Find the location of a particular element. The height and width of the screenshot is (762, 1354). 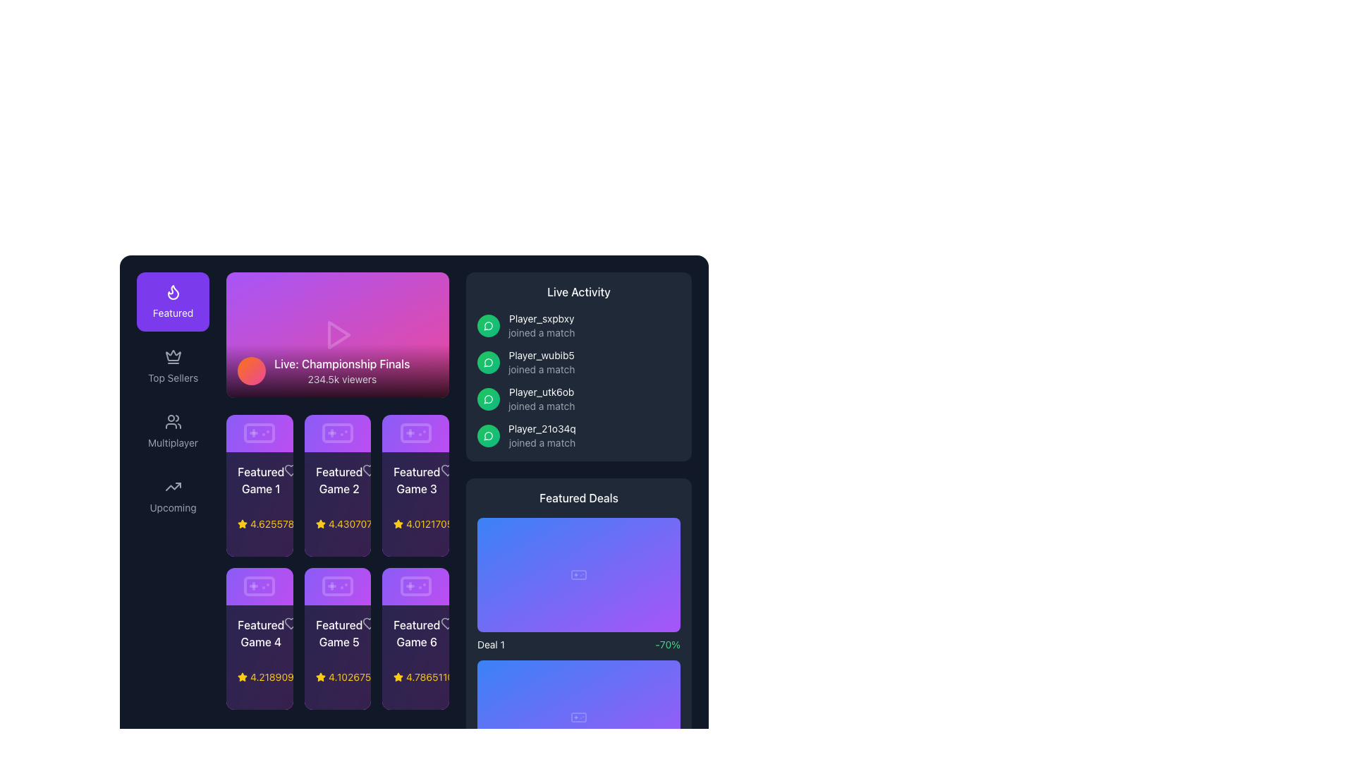

the yellow numerical text label reading '4.21890975809909', which is located next to a small yellow star icon in the bottom-left card of a grid of six cards is located at coordinates (295, 677).